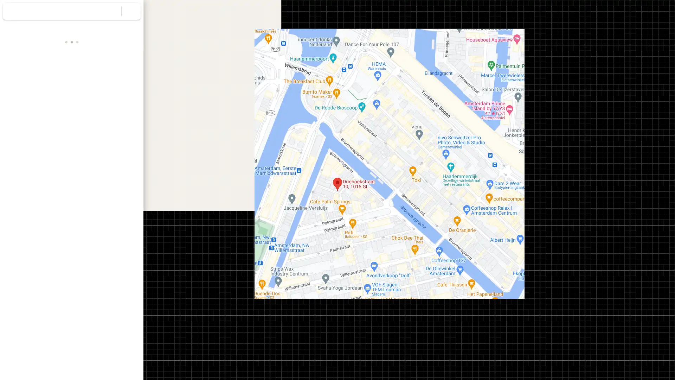  I want to click on Route naar Driehoekstraat 10, so click(20, 120).